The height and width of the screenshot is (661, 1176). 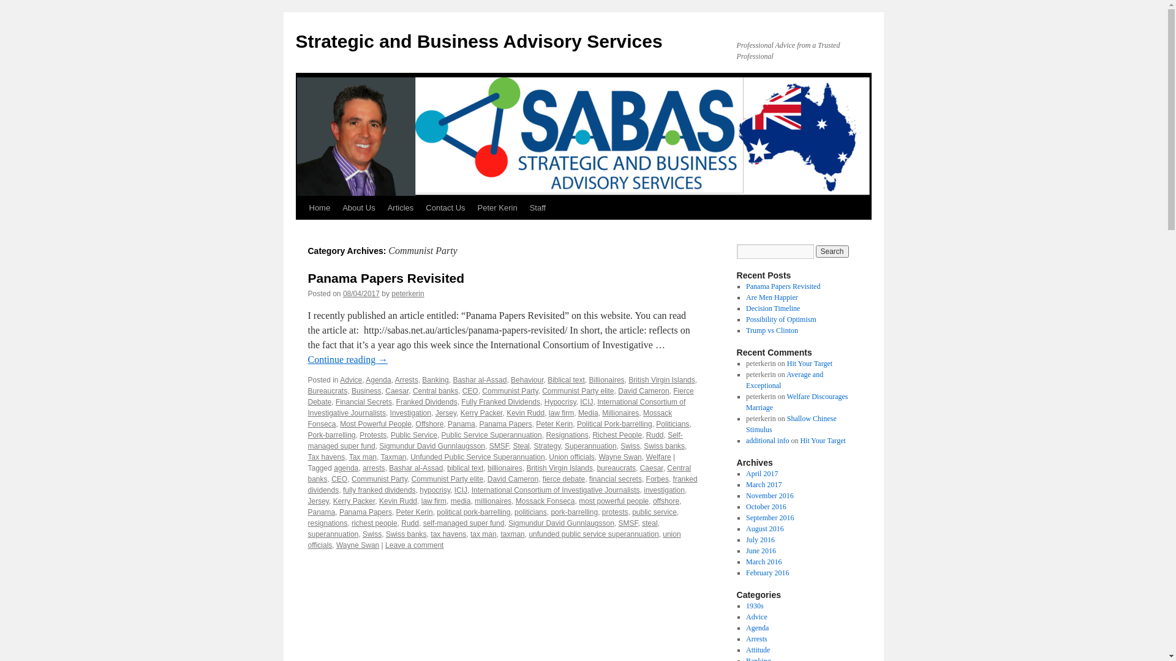 What do you see at coordinates (657, 457) in the screenshot?
I see `'Welfare'` at bounding box center [657, 457].